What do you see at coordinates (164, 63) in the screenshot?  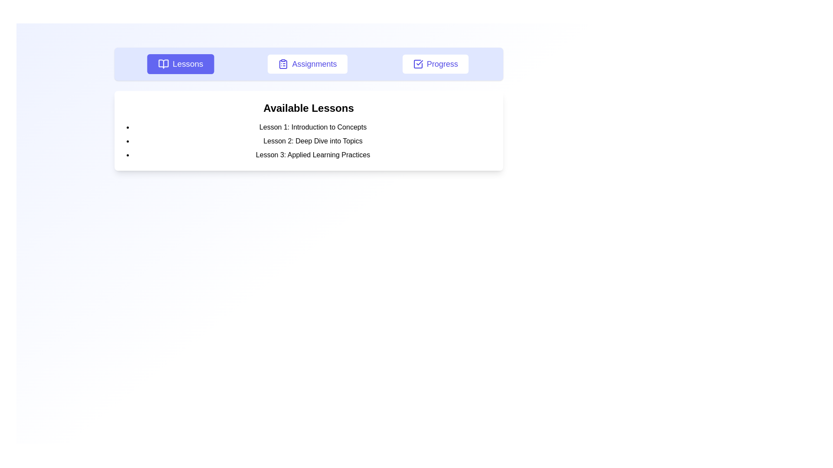 I see `the Open Book Symbol icon located in the navigation bar` at bounding box center [164, 63].